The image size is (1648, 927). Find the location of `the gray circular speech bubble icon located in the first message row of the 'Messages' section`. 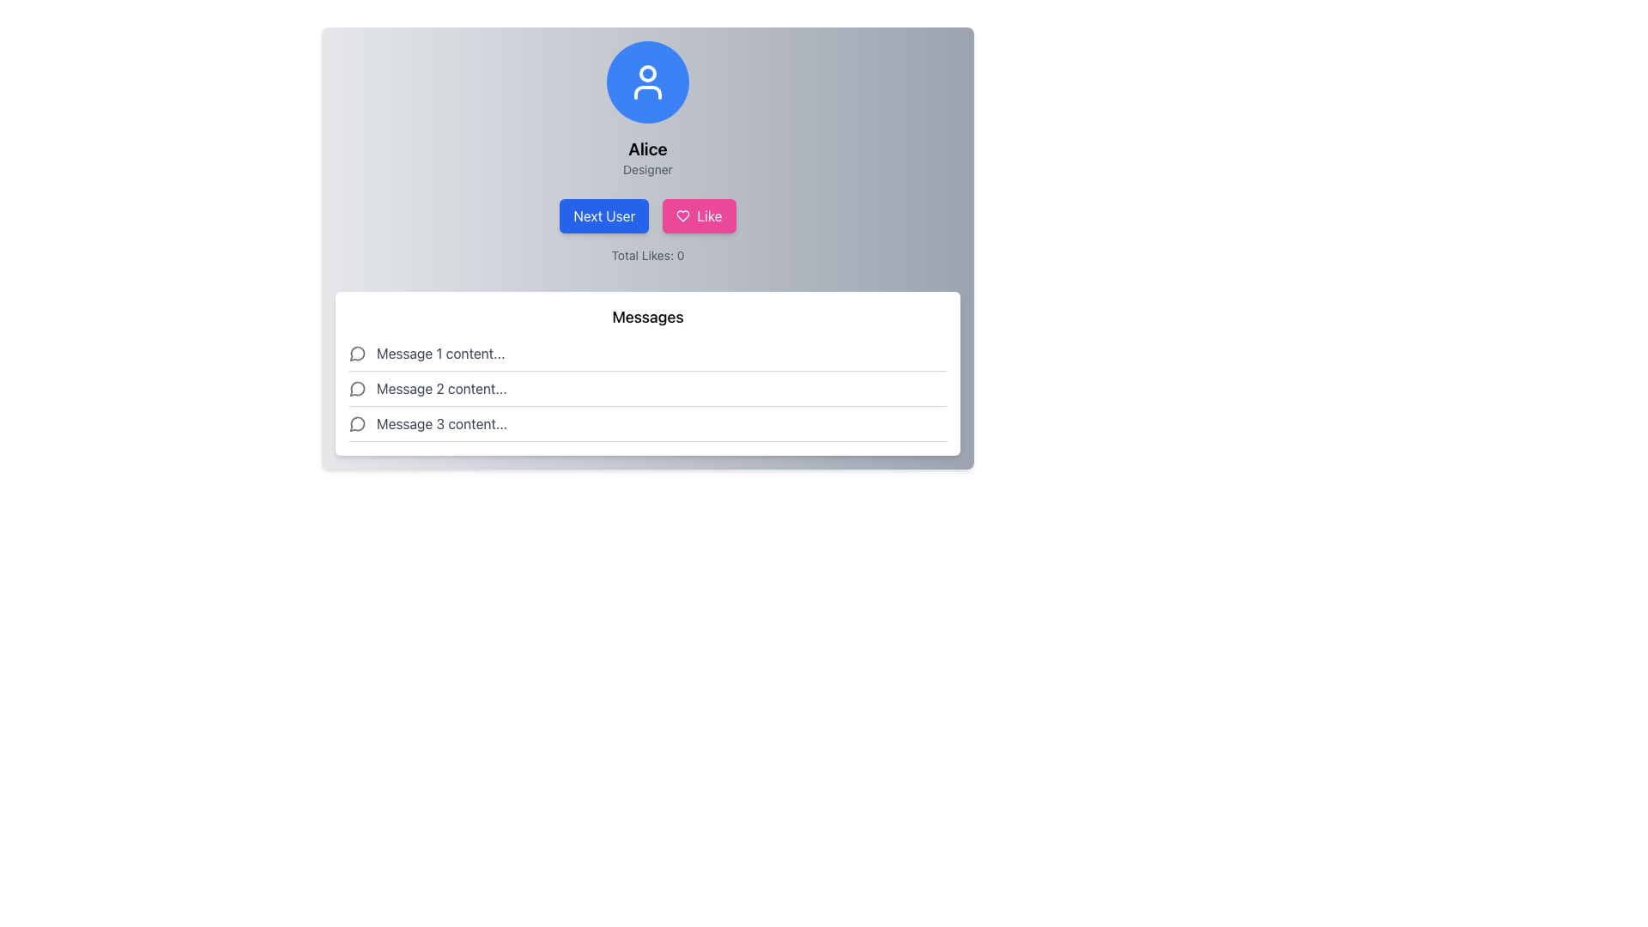

the gray circular speech bubble icon located in the first message row of the 'Messages' section is located at coordinates (356, 353).